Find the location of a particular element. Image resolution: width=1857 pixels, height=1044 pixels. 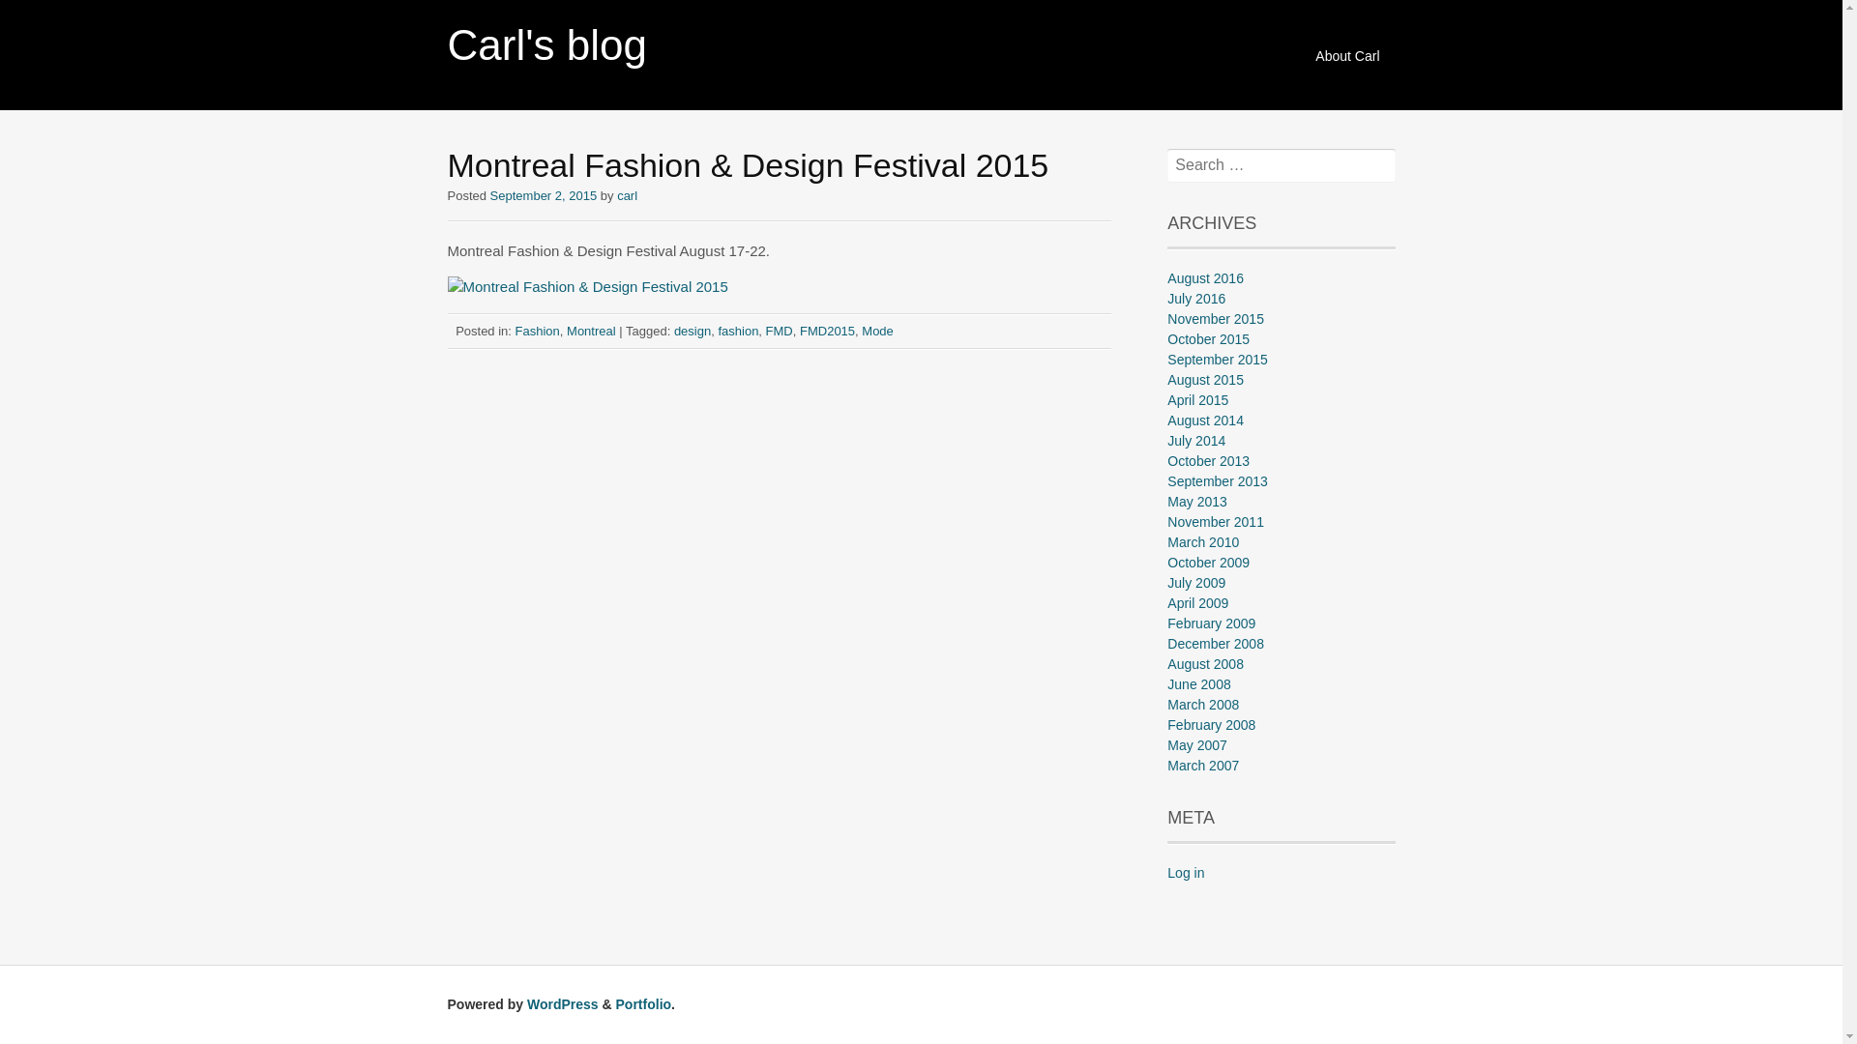

'July 2016' is located at coordinates (1195, 298).